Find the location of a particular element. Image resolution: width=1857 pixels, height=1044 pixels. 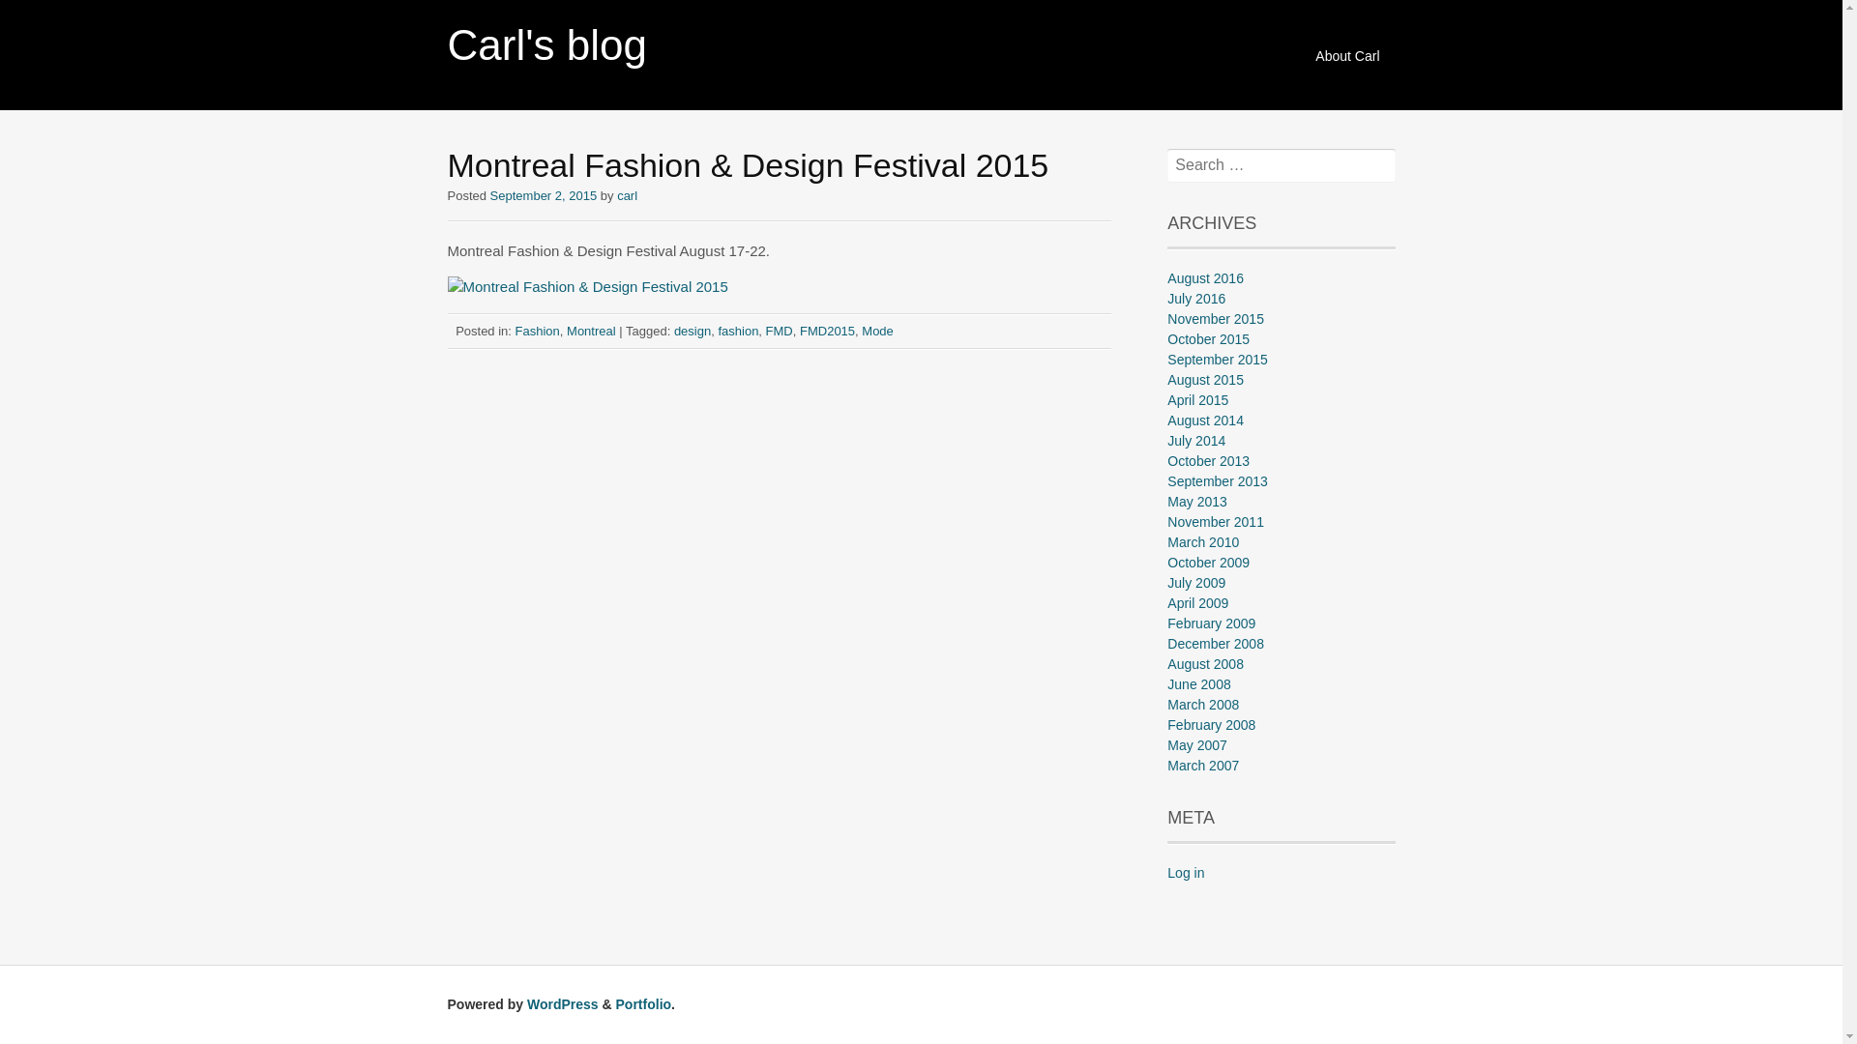

'July 2016' is located at coordinates (1195, 298).